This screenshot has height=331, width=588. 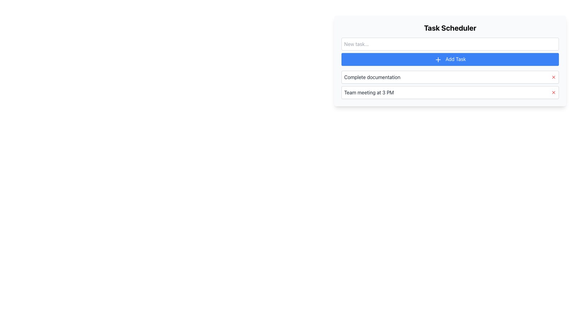 I want to click on the task management widget's task items located in the top-right corner of the layout for potential additional interactions, so click(x=450, y=60).